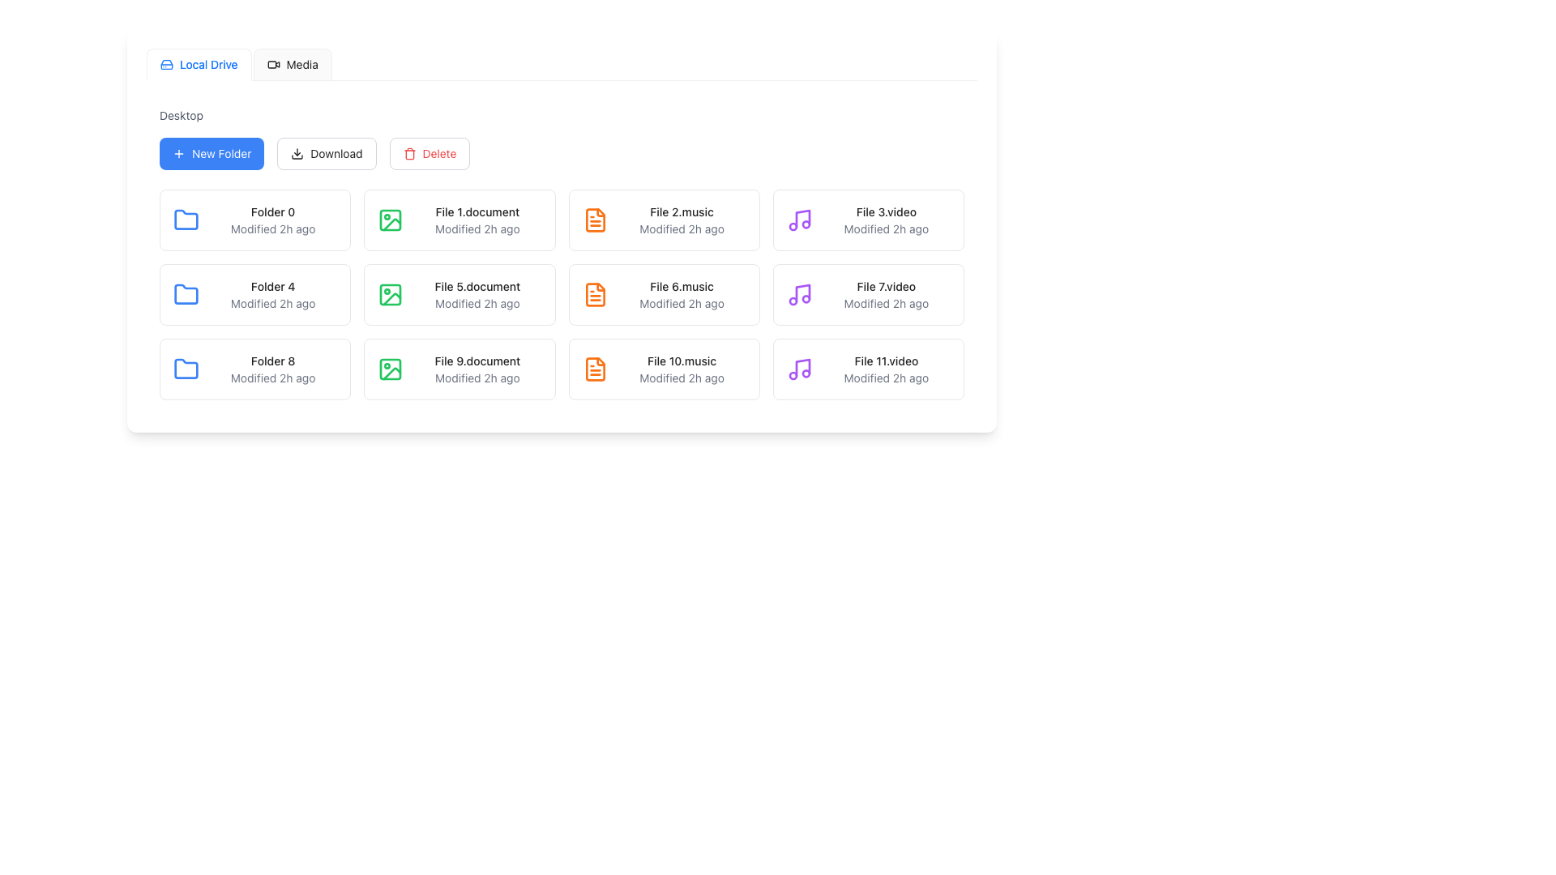 This screenshot has height=875, width=1556. Describe the element at coordinates (459, 369) in the screenshot. I see `the file entry item displaying 'File 9.document' with a green document icon, located in the third row and third item of the grid layout` at that location.